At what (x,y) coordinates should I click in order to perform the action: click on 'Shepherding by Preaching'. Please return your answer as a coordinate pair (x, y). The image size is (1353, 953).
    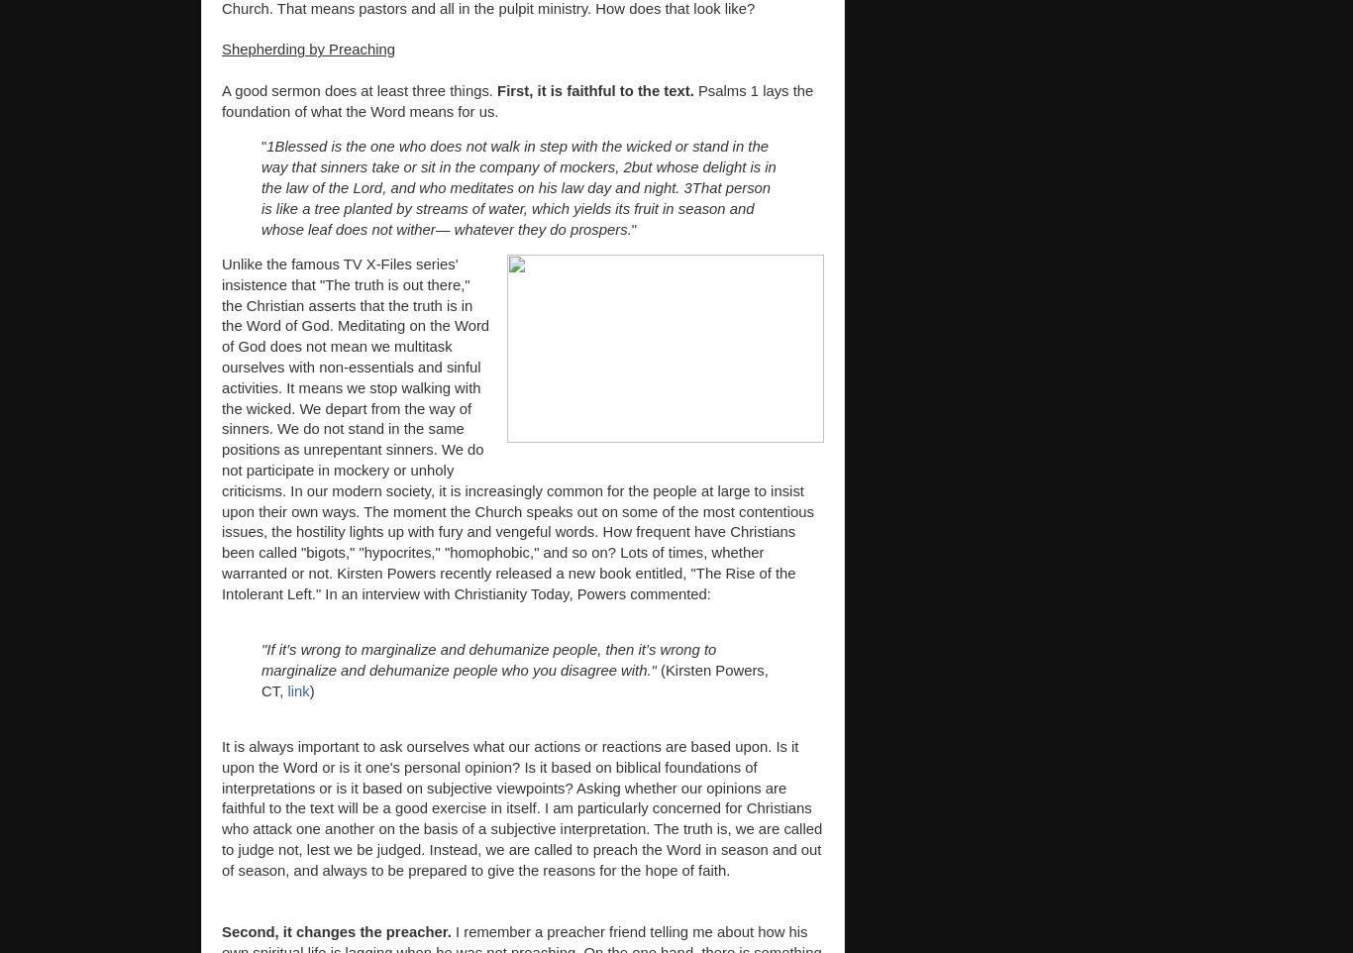
    Looking at the image, I should click on (308, 50).